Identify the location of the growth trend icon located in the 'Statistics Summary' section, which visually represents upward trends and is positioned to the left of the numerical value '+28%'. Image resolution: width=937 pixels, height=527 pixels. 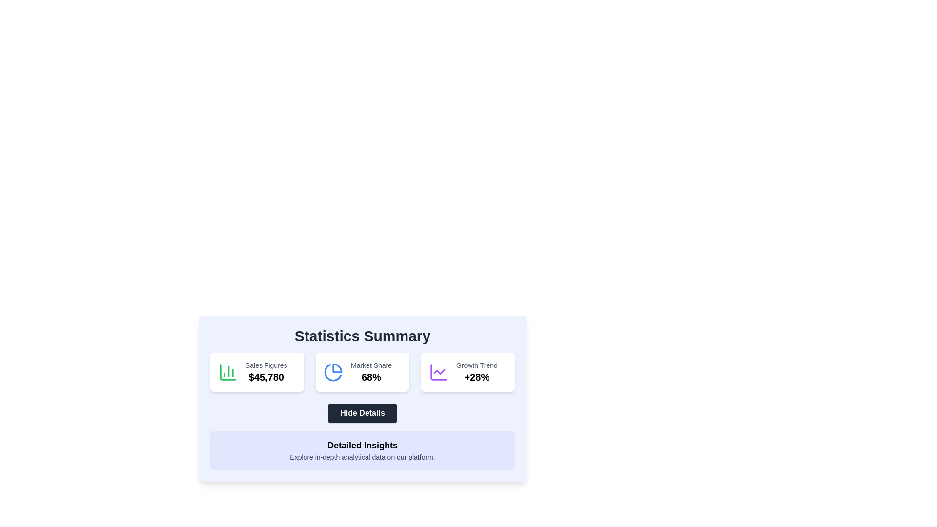
(438, 372).